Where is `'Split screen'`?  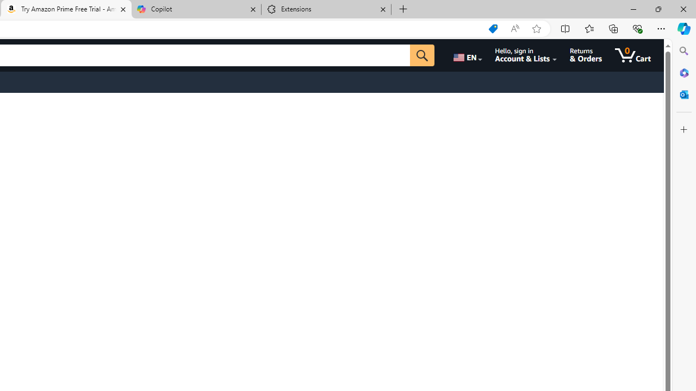 'Split screen' is located at coordinates (565, 28).